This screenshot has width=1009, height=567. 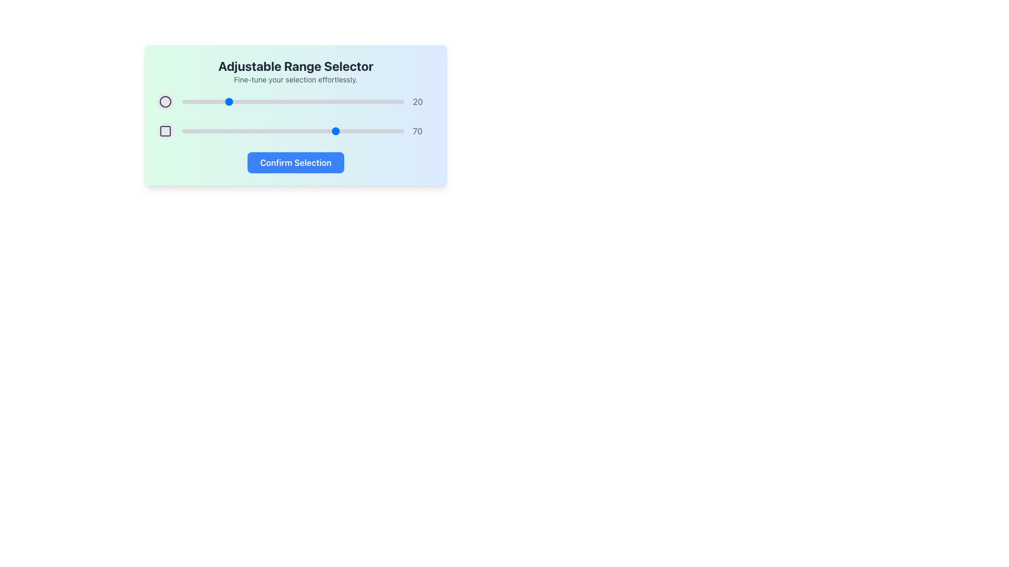 What do you see at coordinates (388, 131) in the screenshot?
I see `the slider` at bounding box center [388, 131].